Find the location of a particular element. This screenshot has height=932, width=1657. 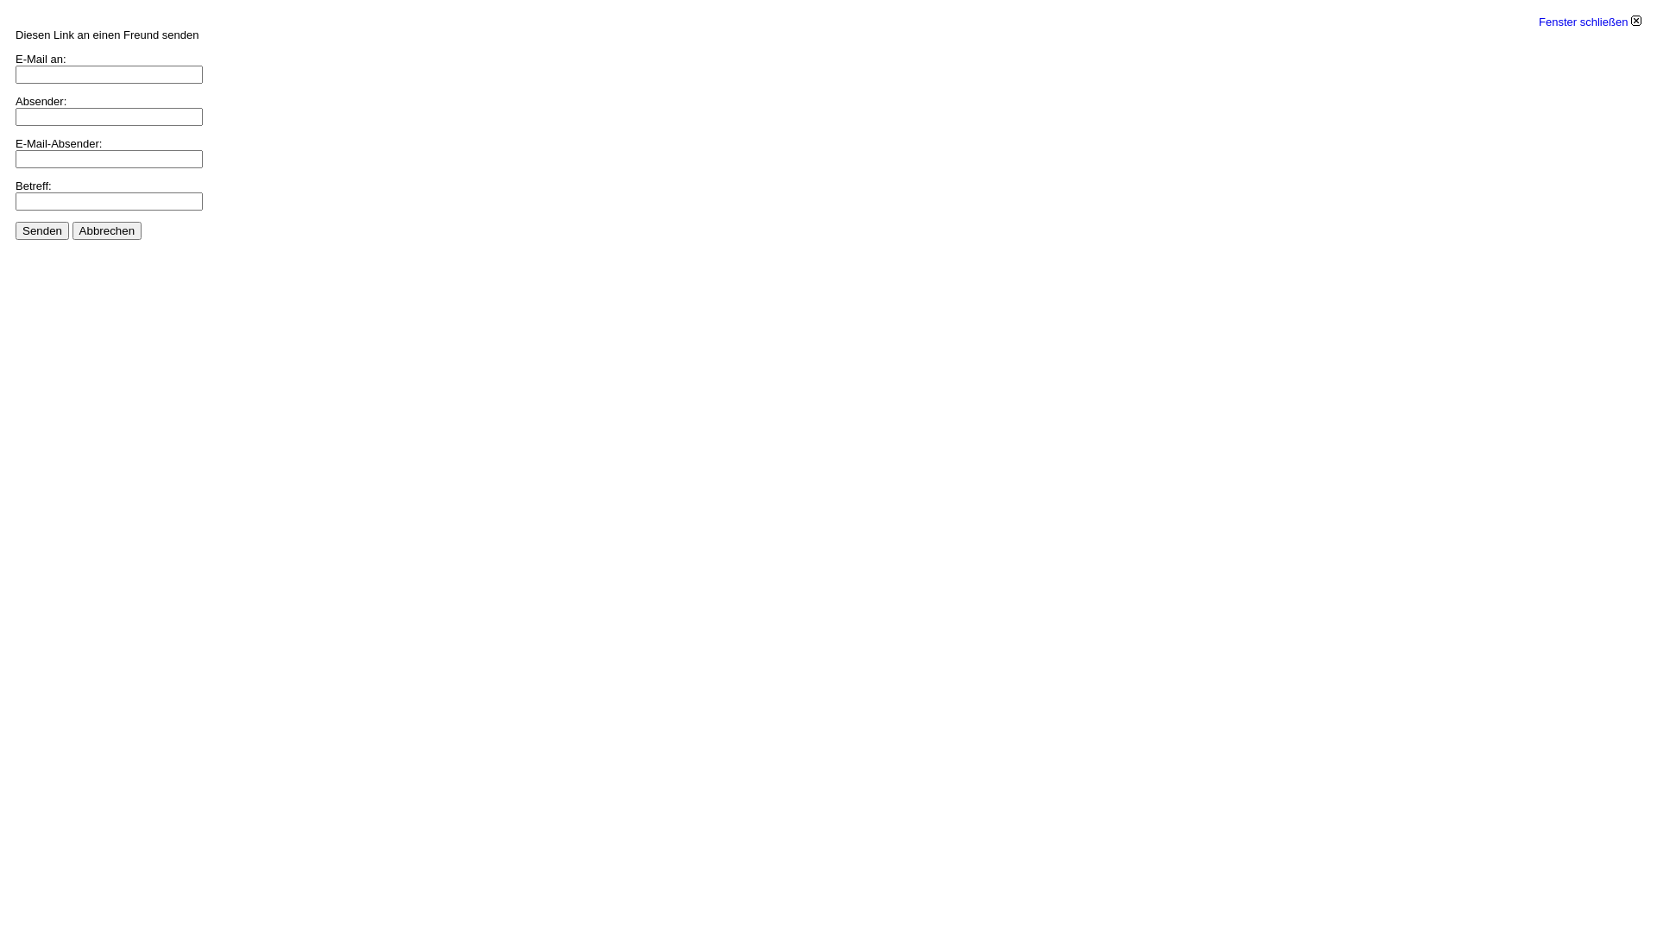

'Abbrechen' is located at coordinates (106, 230).